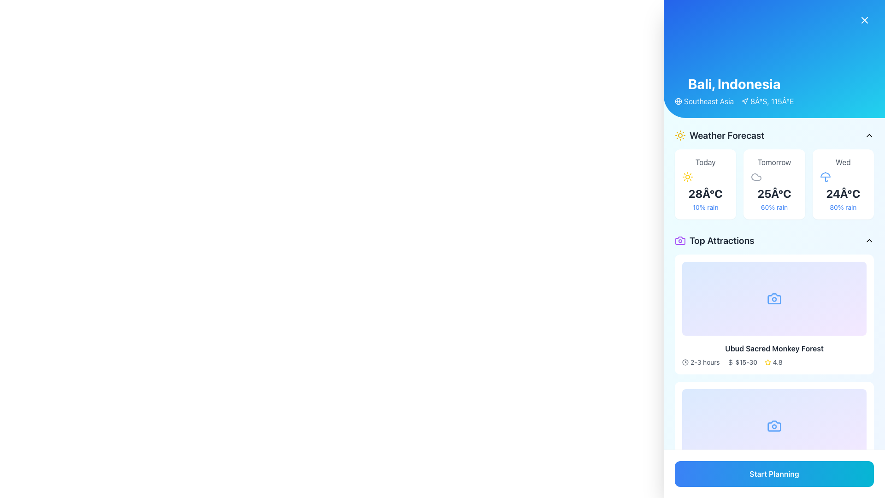 The width and height of the screenshot is (885, 498). I want to click on heading element displaying 'Weather Forecast' in bold, extra-large deep gray font, located below the 'Bali, Indonesia' title, so click(726, 135).